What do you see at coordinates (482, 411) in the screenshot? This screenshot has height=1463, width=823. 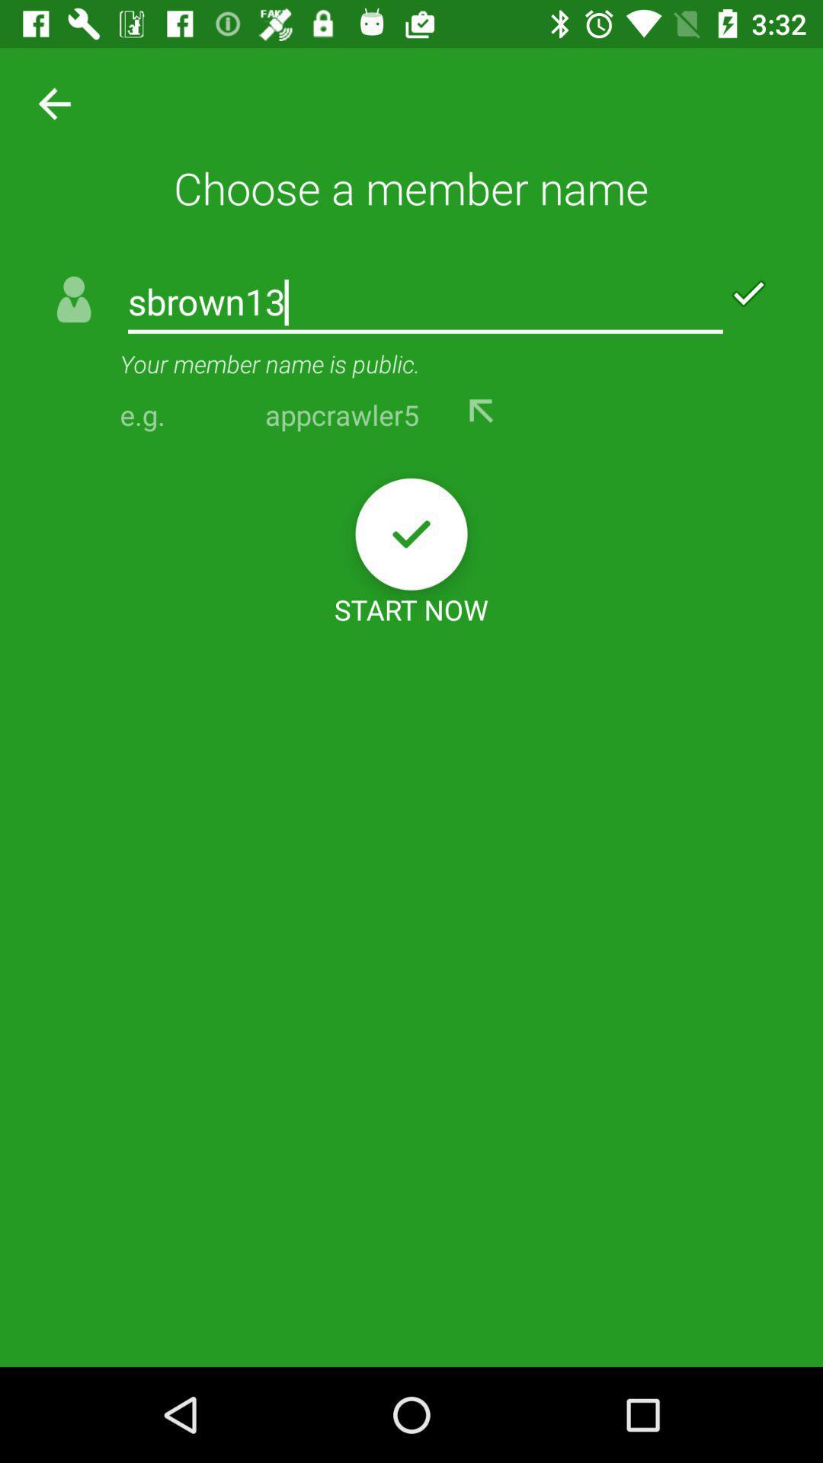 I see `go back` at bounding box center [482, 411].